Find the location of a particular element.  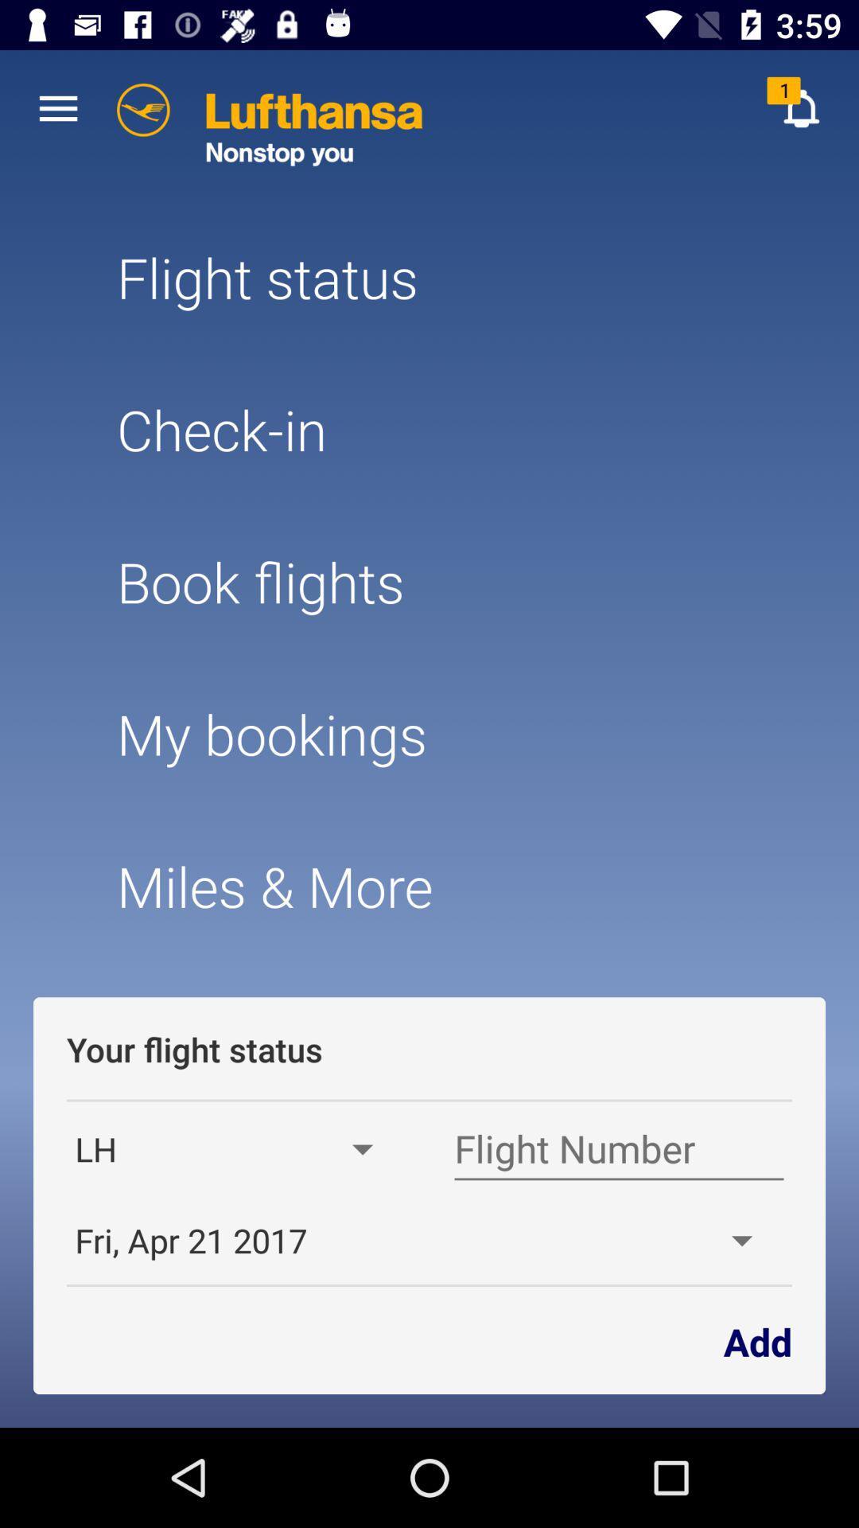

book flights is located at coordinates (429, 581).